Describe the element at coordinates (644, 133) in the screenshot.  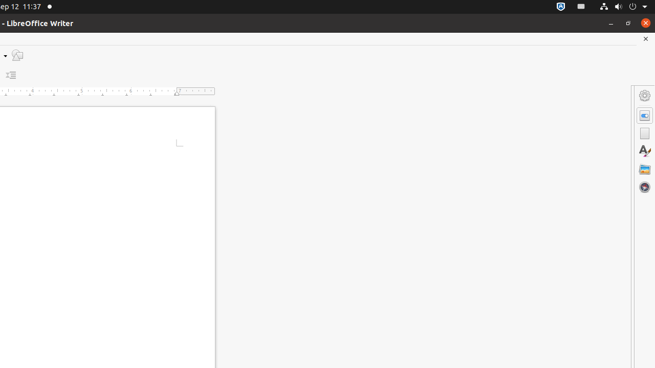
I see `'Page'` at that location.